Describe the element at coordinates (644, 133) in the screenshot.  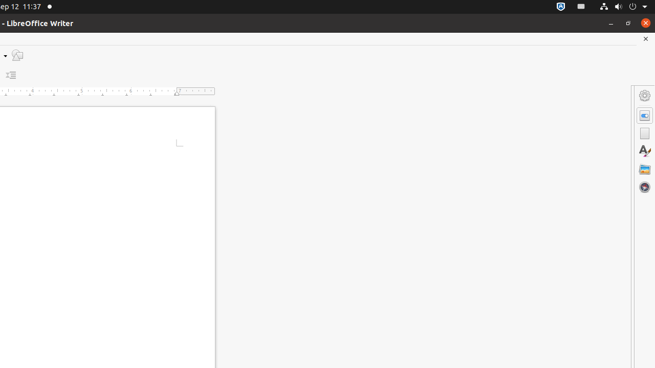
I see `'Page'` at that location.